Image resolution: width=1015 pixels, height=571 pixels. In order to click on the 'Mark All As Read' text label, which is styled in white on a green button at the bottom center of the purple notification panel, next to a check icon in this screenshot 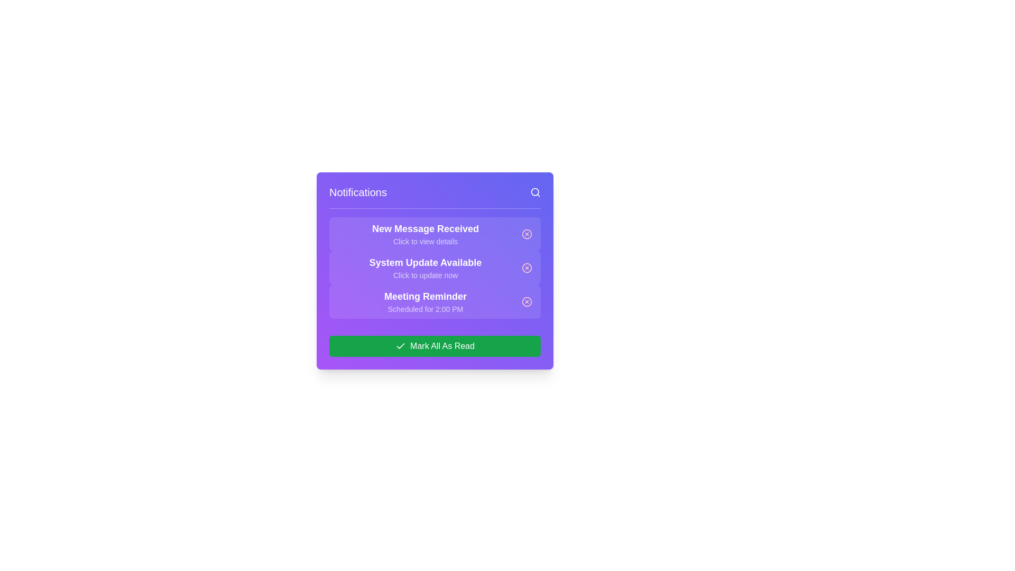, I will do `click(442, 346)`.